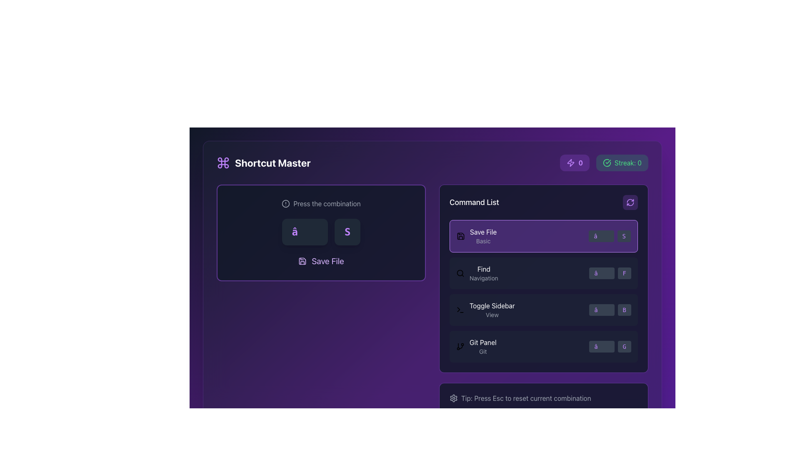 Image resolution: width=800 pixels, height=450 pixels. Describe the element at coordinates (604, 162) in the screenshot. I see `the green badge displaying 'Streak: 0' with a checkmark icon` at that location.